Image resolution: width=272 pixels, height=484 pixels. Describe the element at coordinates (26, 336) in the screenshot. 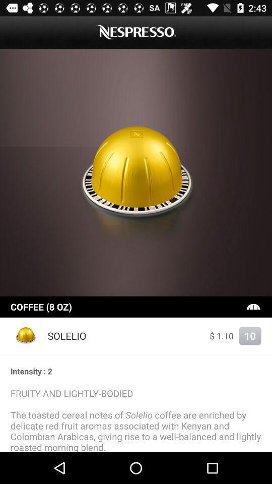

I see `item next to the solelio item` at that location.